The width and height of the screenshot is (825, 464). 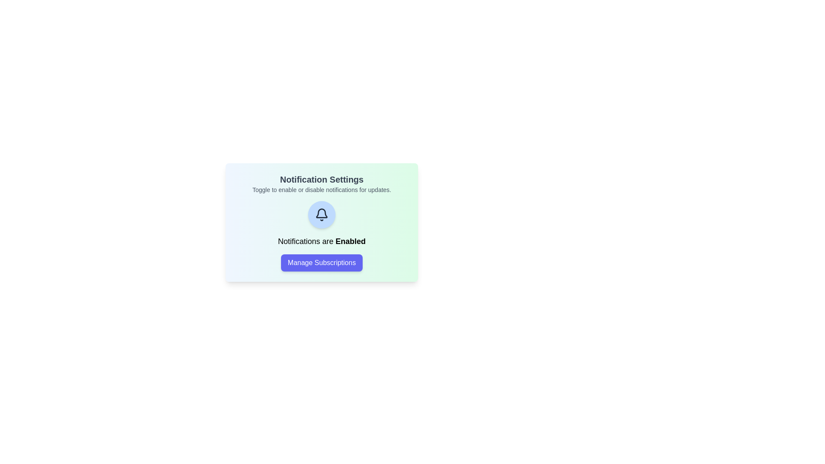 I want to click on the bell icon to toggle the notification state, so click(x=321, y=214).